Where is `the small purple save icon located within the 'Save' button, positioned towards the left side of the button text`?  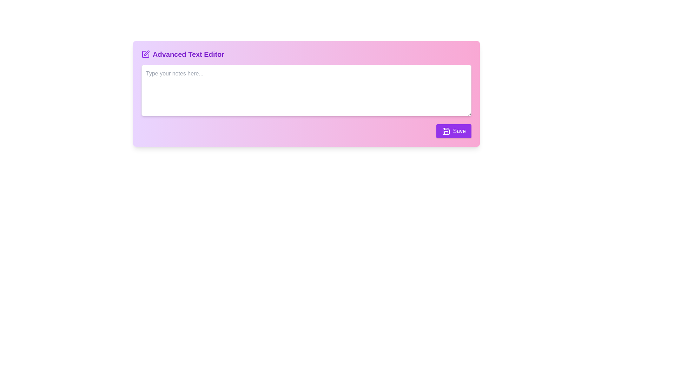 the small purple save icon located within the 'Save' button, positioned towards the left side of the button text is located at coordinates (445, 131).